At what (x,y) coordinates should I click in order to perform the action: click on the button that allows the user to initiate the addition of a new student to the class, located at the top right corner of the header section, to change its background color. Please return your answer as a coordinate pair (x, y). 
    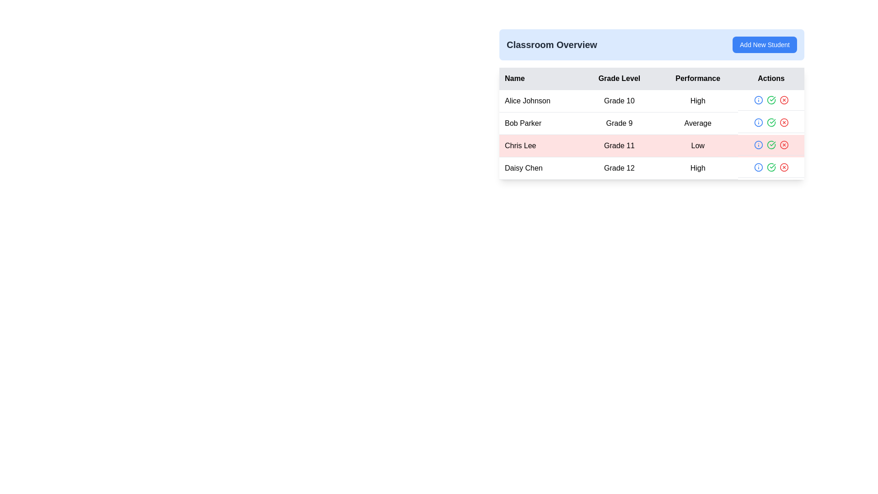
    Looking at the image, I should click on (765, 44).